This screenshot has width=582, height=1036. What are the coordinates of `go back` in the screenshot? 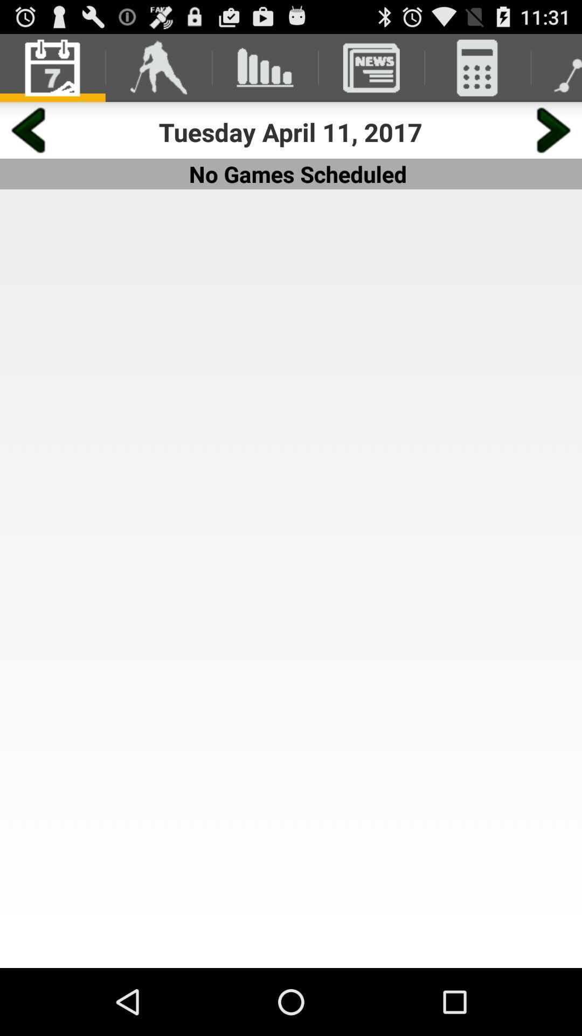 It's located at (27, 129).